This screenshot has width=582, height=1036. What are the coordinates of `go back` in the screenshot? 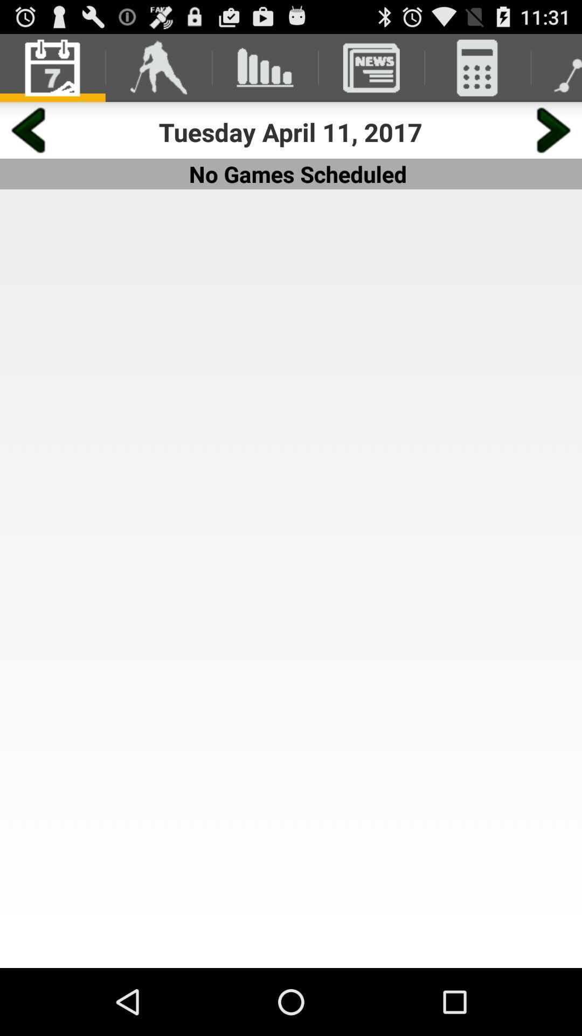 It's located at (27, 129).